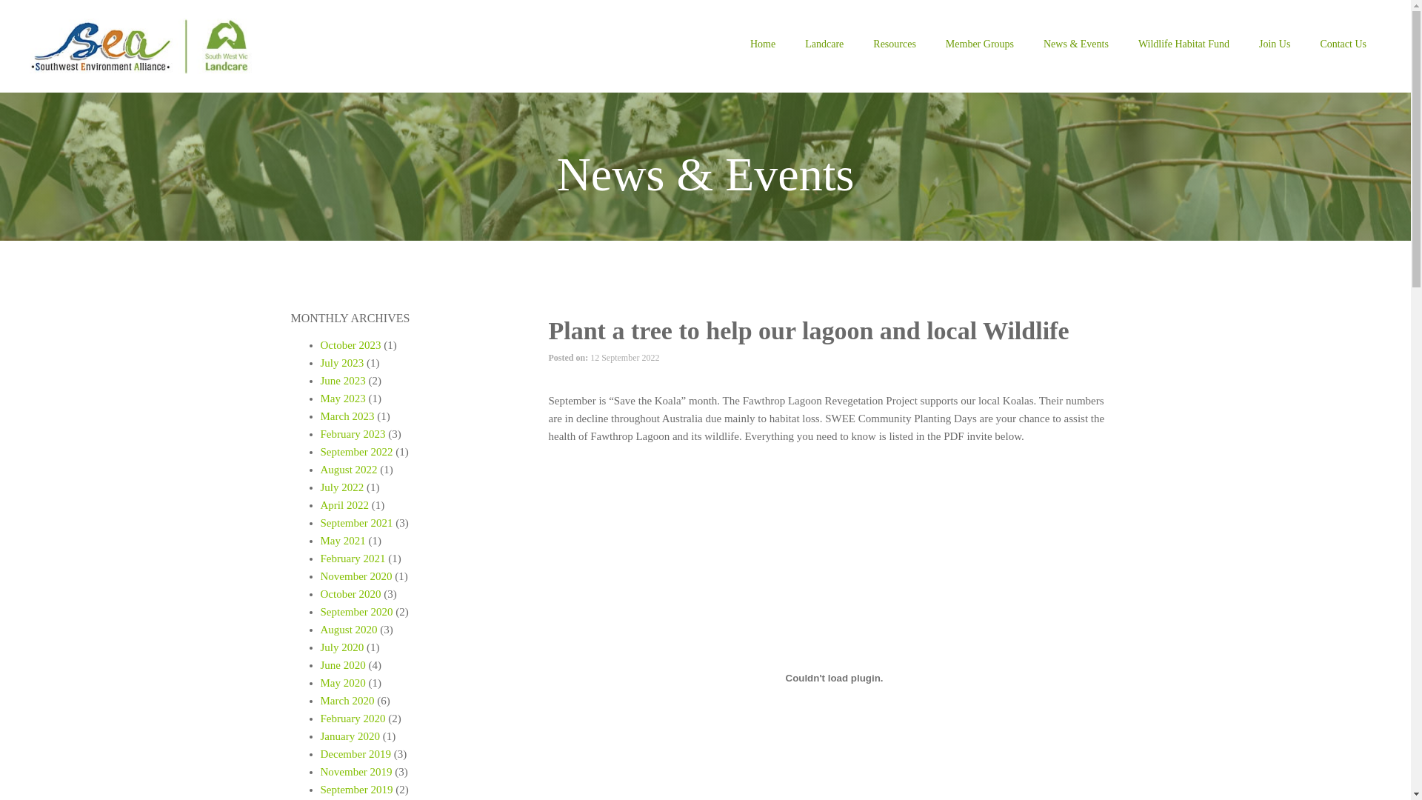 This screenshot has width=1422, height=800. What do you see at coordinates (763, 45) in the screenshot?
I see `'Home'` at bounding box center [763, 45].